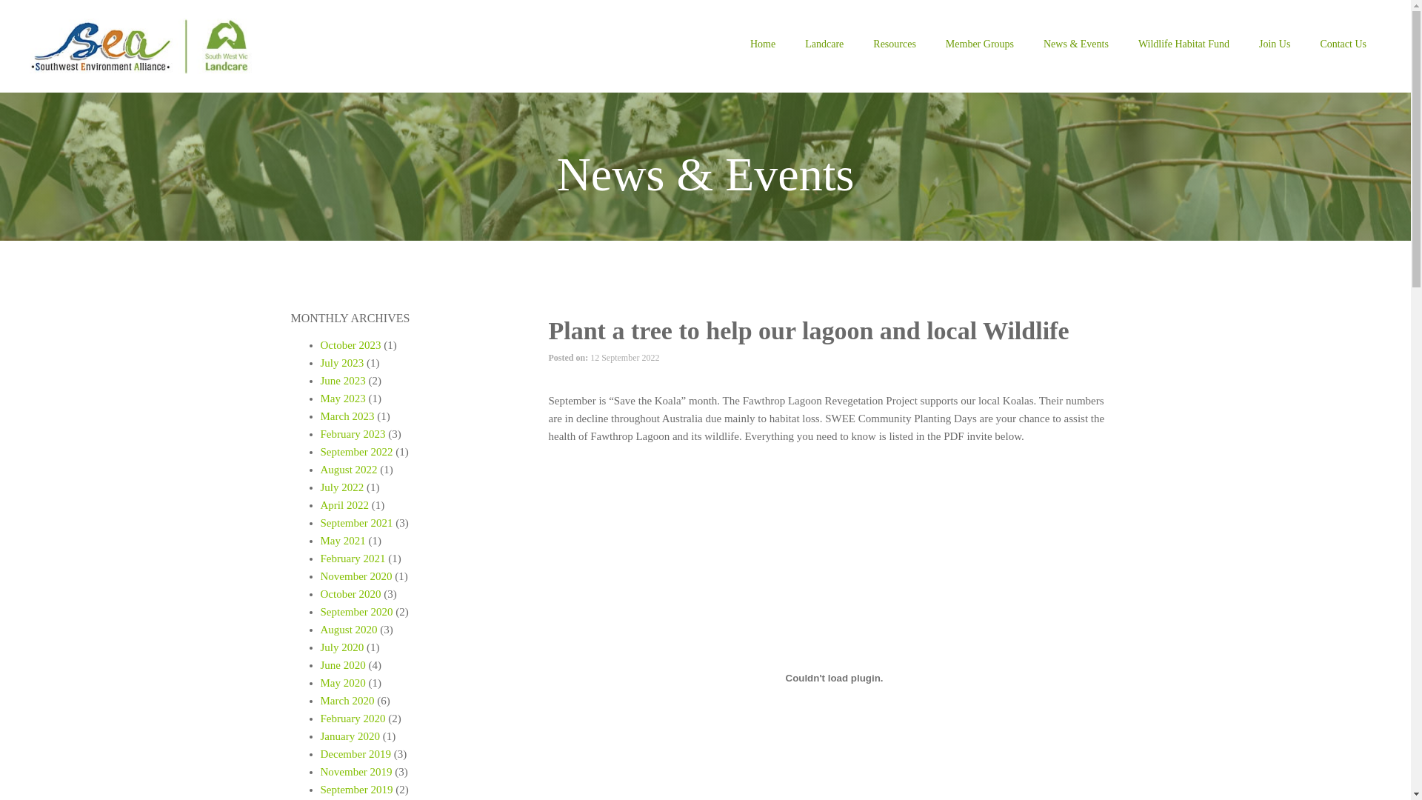 This screenshot has width=1422, height=800. What do you see at coordinates (763, 45) in the screenshot?
I see `'Home'` at bounding box center [763, 45].